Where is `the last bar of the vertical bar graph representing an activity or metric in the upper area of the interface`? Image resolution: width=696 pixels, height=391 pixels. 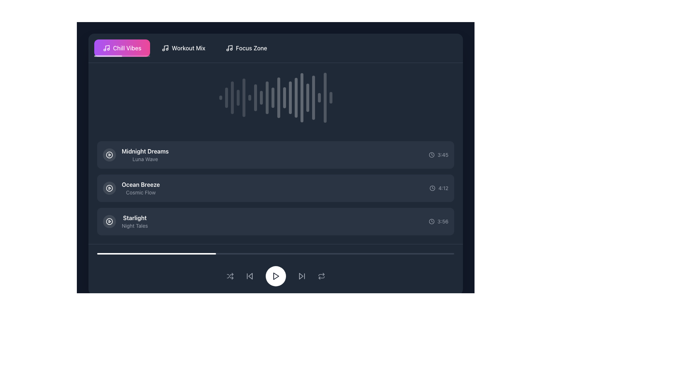
the last bar of the vertical bar graph representing an activity or metric in the upper area of the interface is located at coordinates (330, 98).